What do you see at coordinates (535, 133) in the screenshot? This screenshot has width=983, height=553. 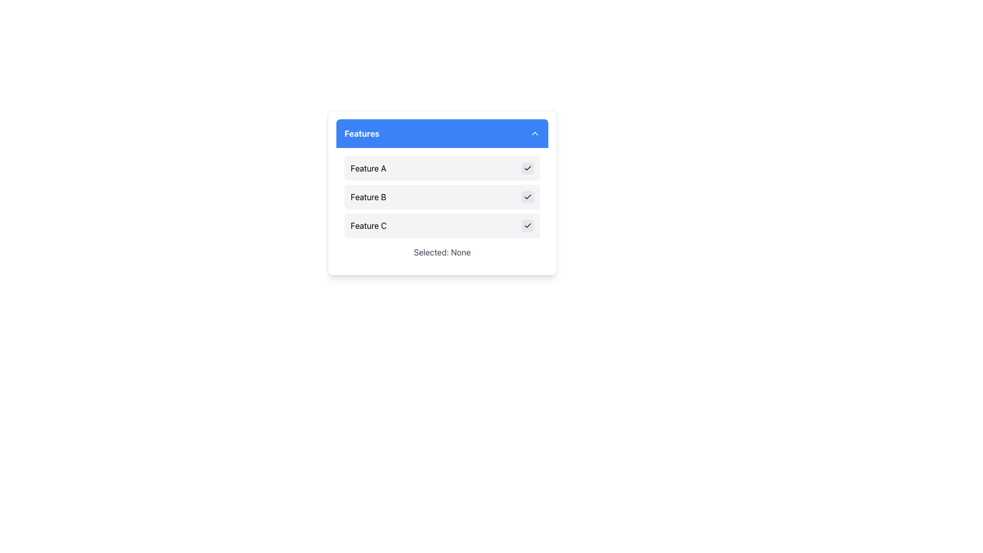 I see `the upward-pointing chevron icon on the right side of the 'Features' bar` at bounding box center [535, 133].